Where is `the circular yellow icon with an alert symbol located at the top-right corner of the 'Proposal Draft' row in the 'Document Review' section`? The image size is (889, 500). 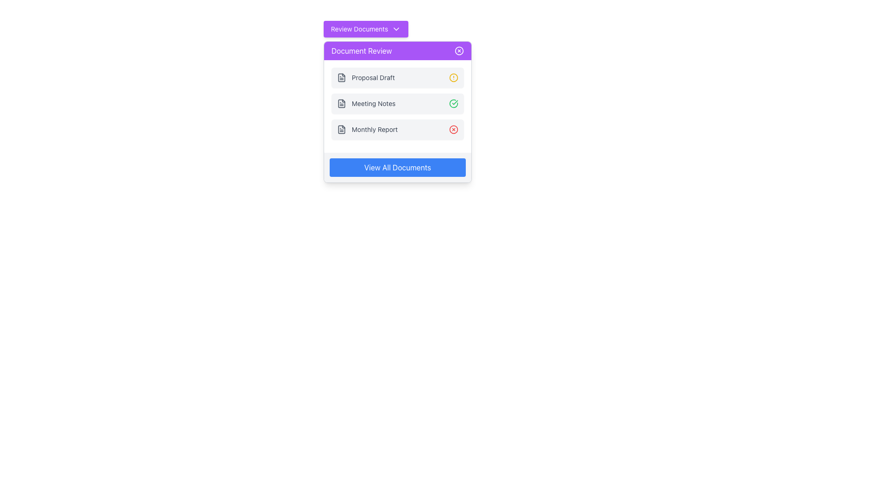
the circular yellow icon with an alert symbol located at the top-right corner of the 'Proposal Draft' row in the 'Document Review' section is located at coordinates (453, 77).